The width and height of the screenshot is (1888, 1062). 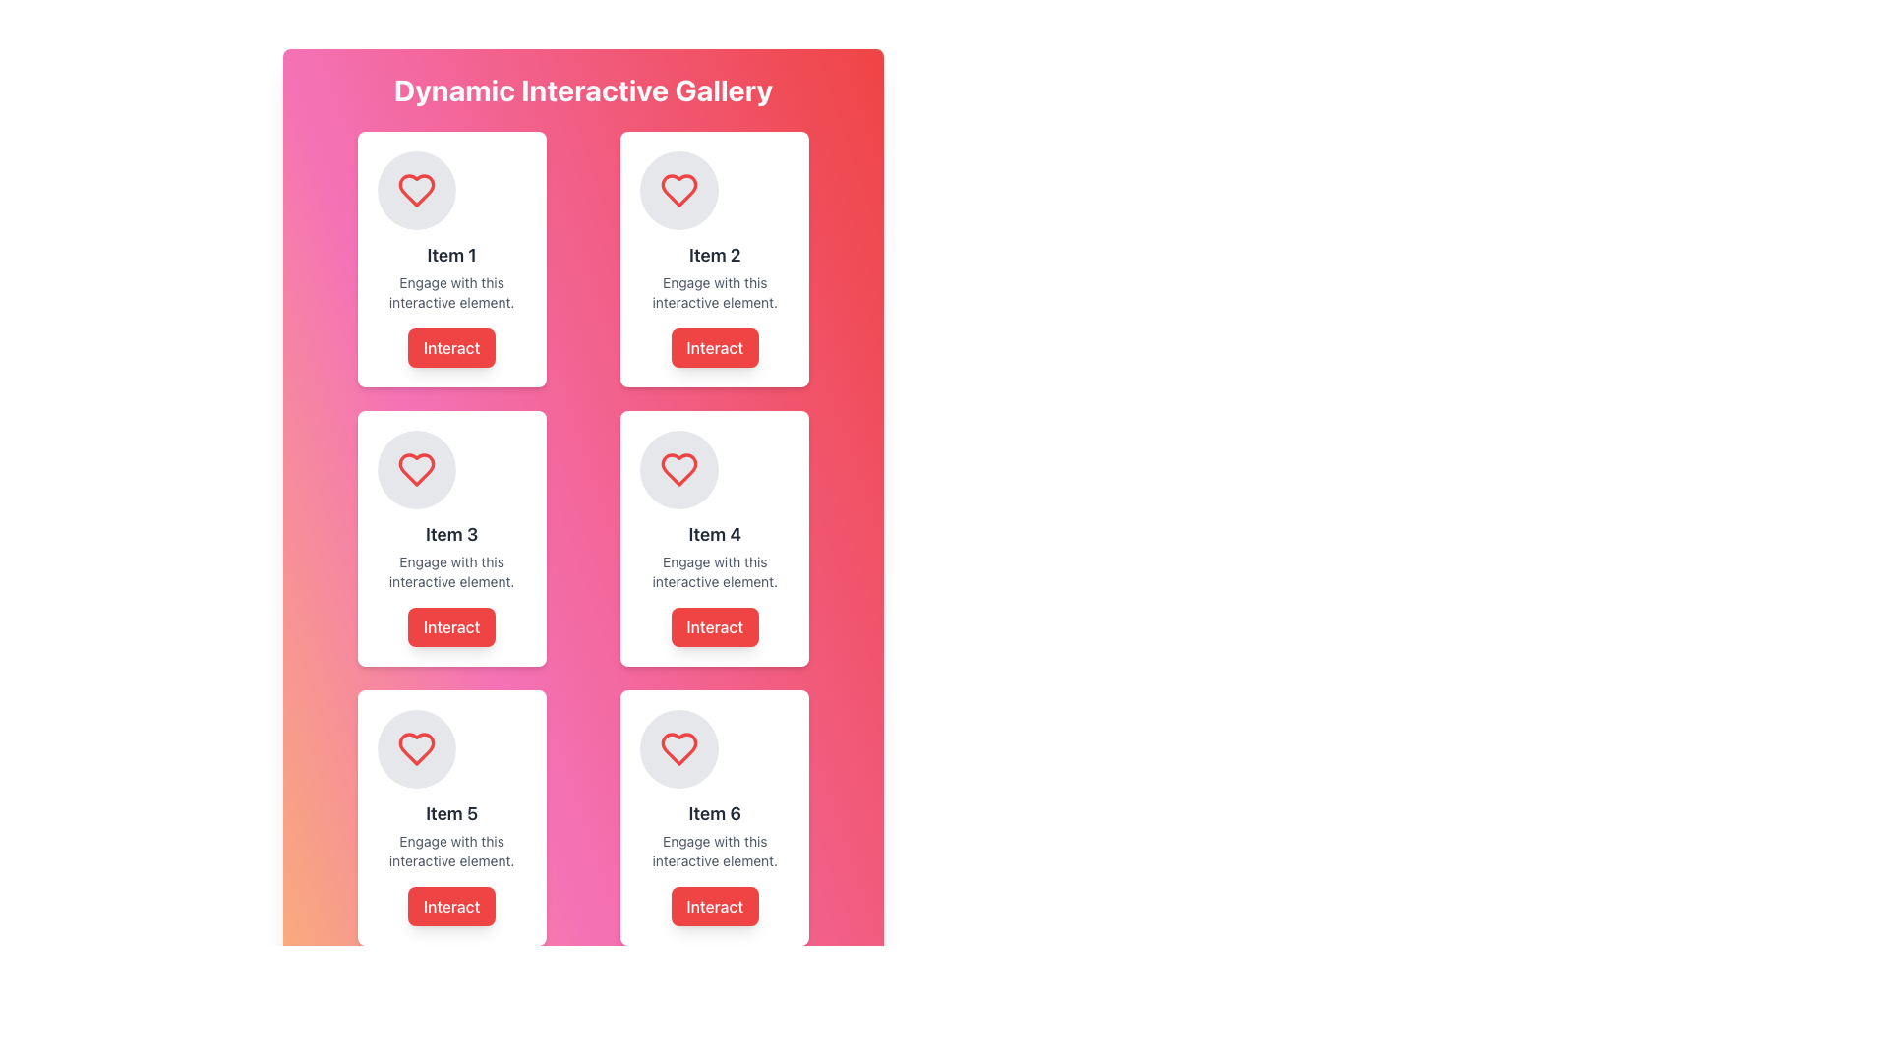 What do you see at coordinates (415, 470) in the screenshot?
I see `the heart icon representing a 'like' symbol located in the third card titled 'Item 3' in the left column of the grid layout` at bounding box center [415, 470].